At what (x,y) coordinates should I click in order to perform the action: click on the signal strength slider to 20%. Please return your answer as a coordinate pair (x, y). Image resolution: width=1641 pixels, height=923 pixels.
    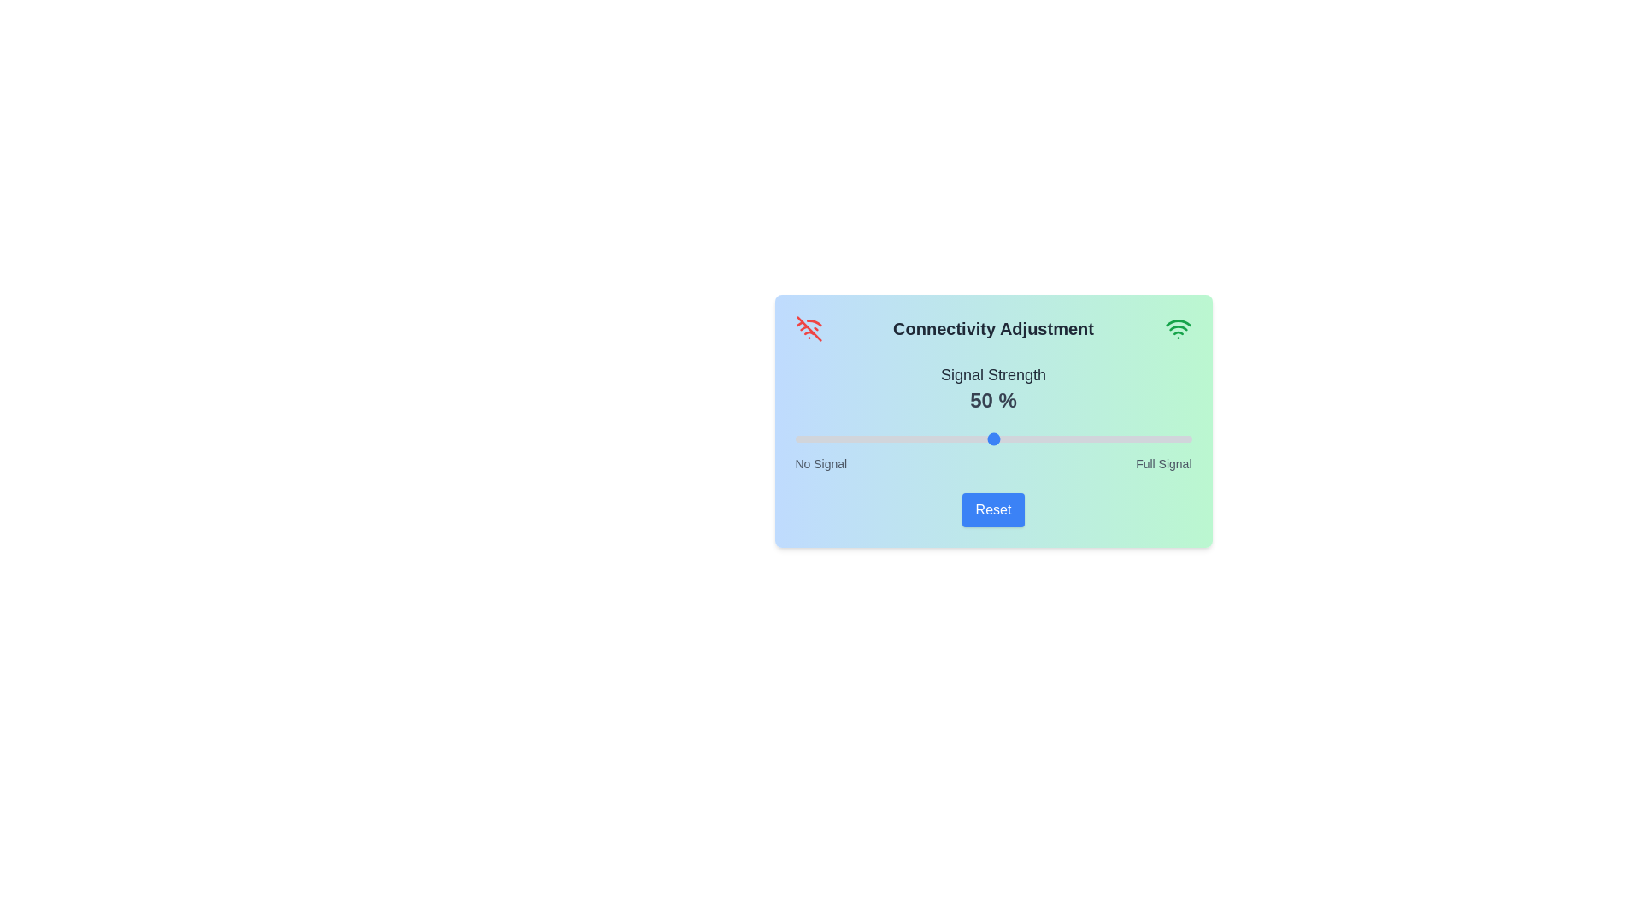
    Looking at the image, I should click on (874, 438).